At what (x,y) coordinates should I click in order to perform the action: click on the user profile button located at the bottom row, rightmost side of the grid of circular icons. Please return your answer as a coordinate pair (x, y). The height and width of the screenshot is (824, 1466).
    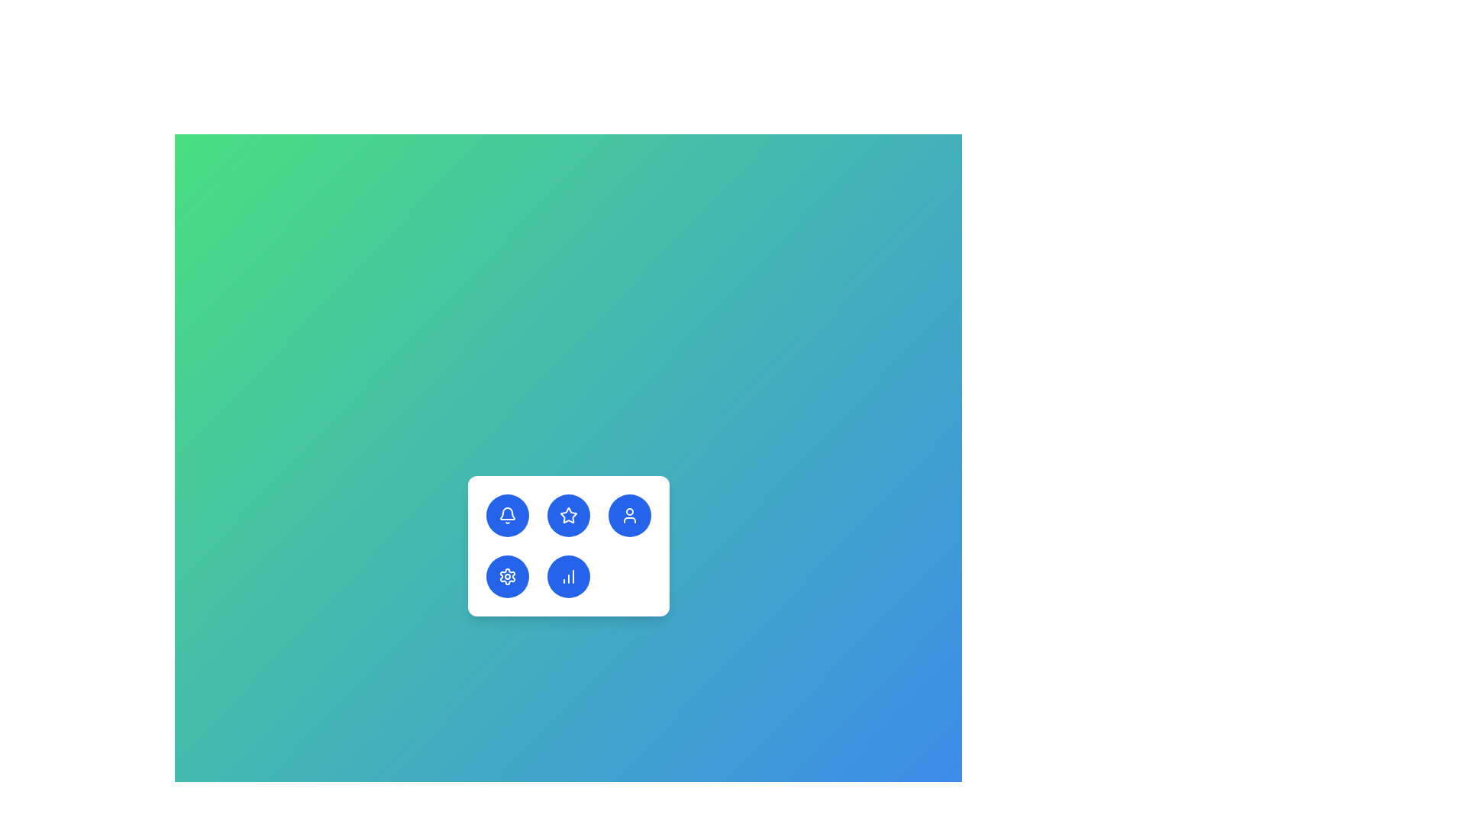
    Looking at the image, I should click on (629, 515).